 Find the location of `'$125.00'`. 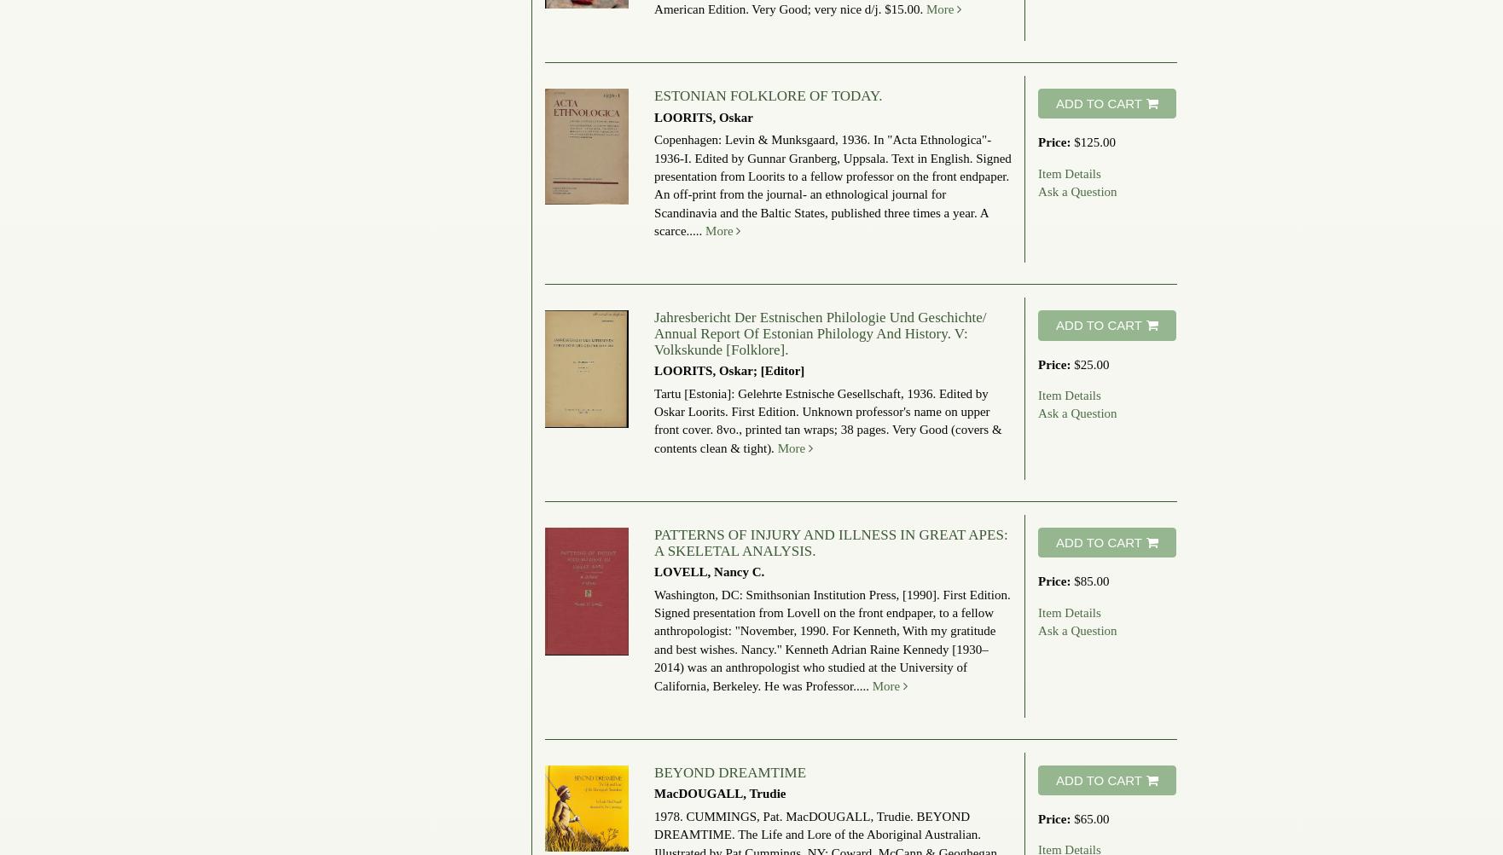

'$125.00' is located at coordinates (1094, 141).